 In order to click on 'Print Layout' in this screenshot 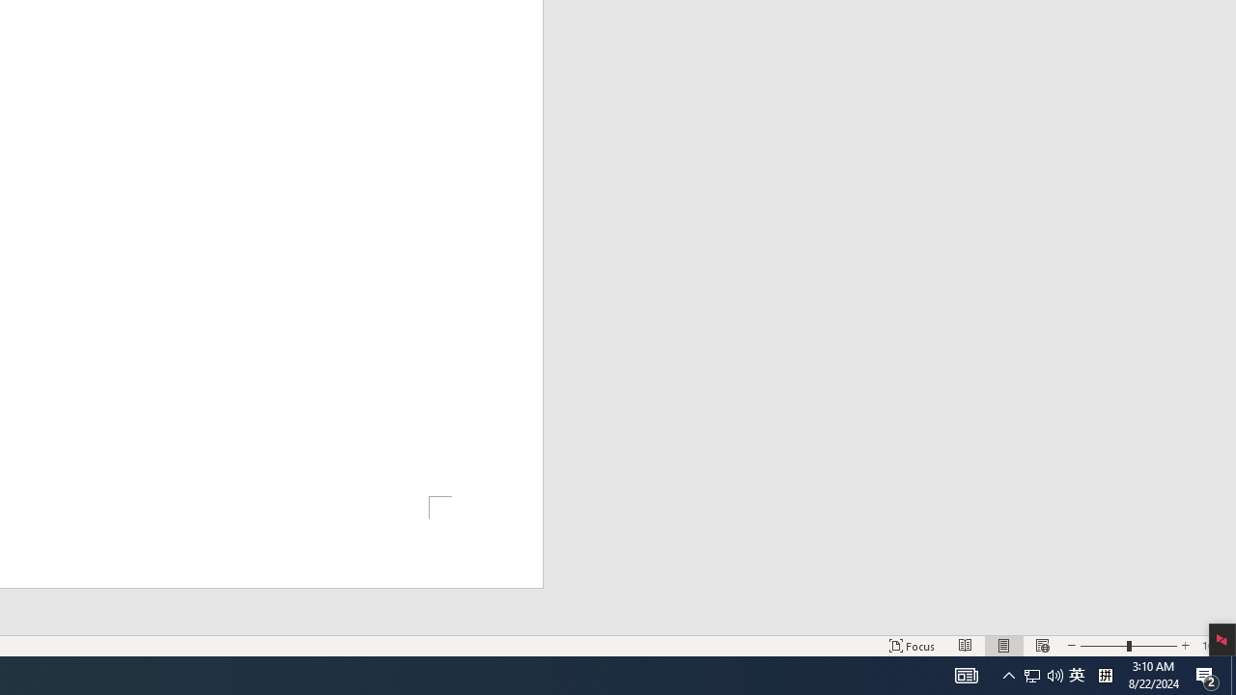, I will do `click(1004, 646)`.